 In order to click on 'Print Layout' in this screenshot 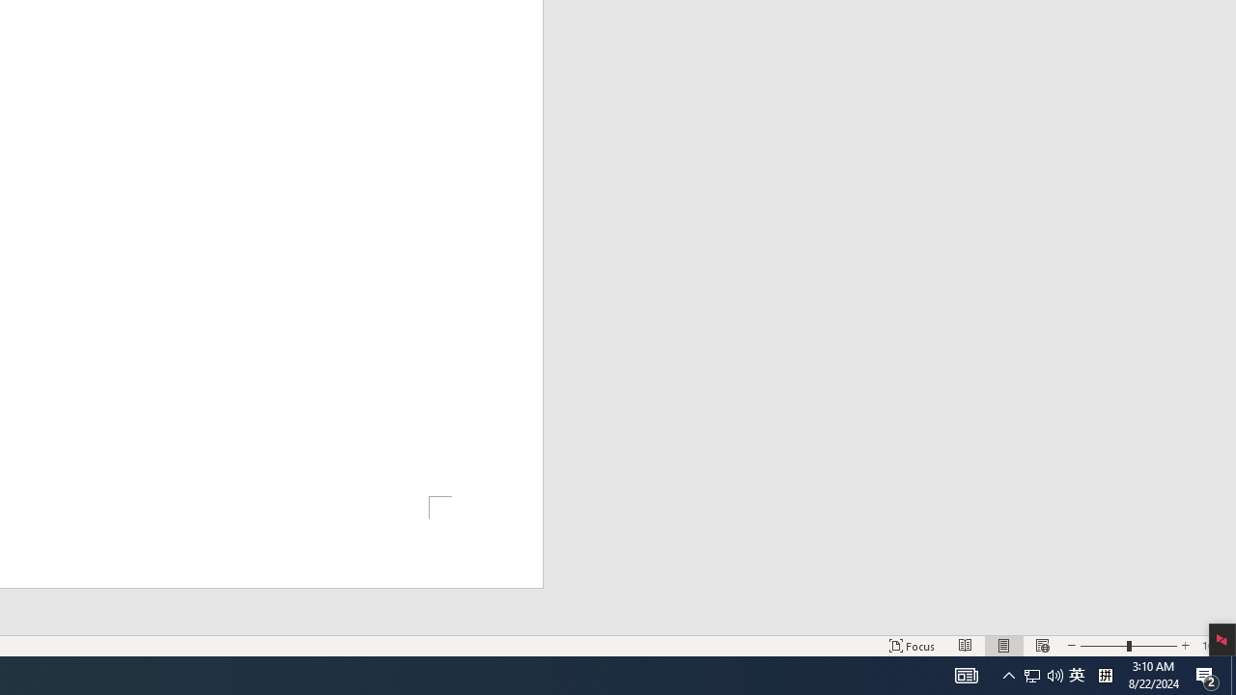, I will do `click(1004, 646)`.